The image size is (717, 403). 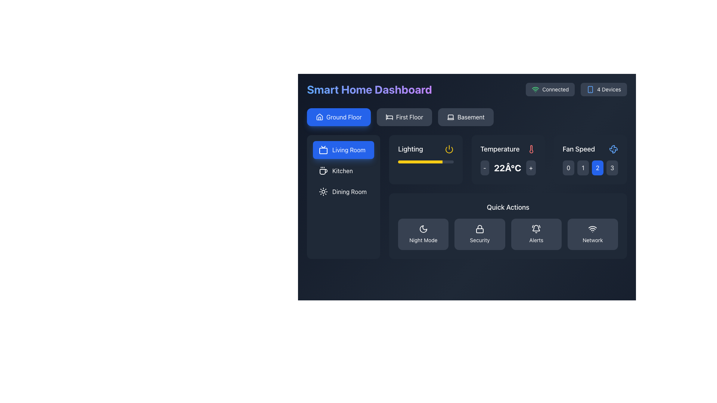 What do you see at coordinates (590, 89) in the screenshot?
I see `the dark rectangular icon with slightly rounded corners labeled '4 Devices', located near the top-right corner of the dashboard interface` at bounding box center [590, 89].